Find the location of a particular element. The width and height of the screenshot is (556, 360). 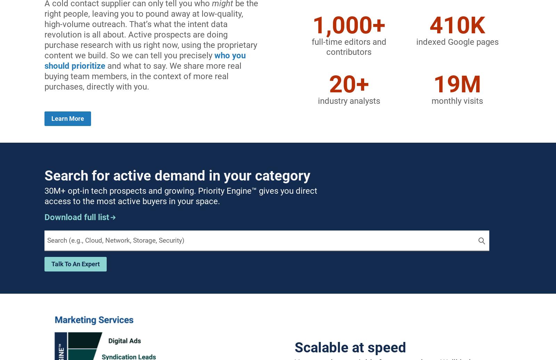

'410K' is located at coordinates (457, 25).